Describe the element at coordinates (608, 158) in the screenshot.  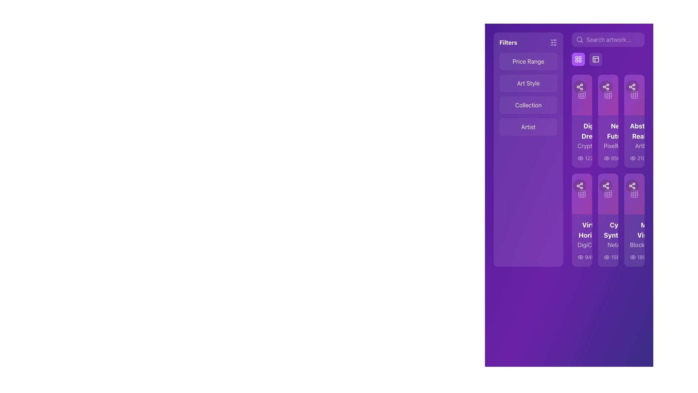
I see `the text element displaying a numerical value below the 'Neon Futures' header in the second column of the card layout` at that location.